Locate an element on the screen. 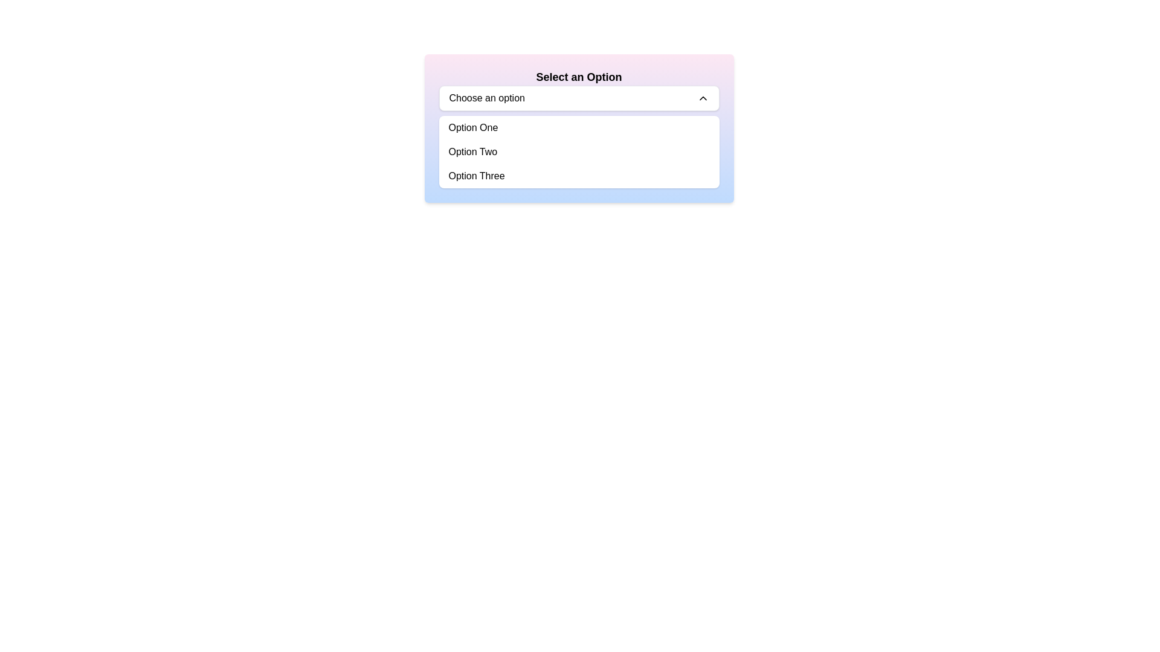 The height and width of the screenshot is (652, 1160). the dropdown menu option labeled 'Option Three' is located at coordinates (578, 176).